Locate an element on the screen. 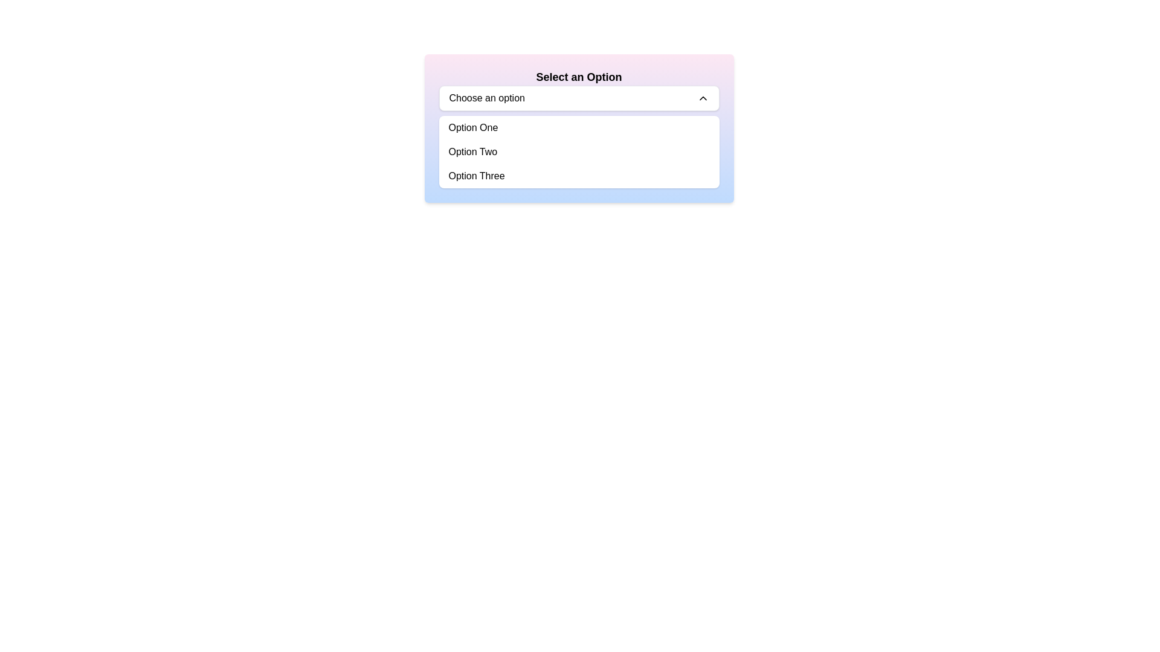 The height and width of the screenshot is (652, 1160). the dropdown menu option labeled 'Option Three' is located at coordinates (578, 176).